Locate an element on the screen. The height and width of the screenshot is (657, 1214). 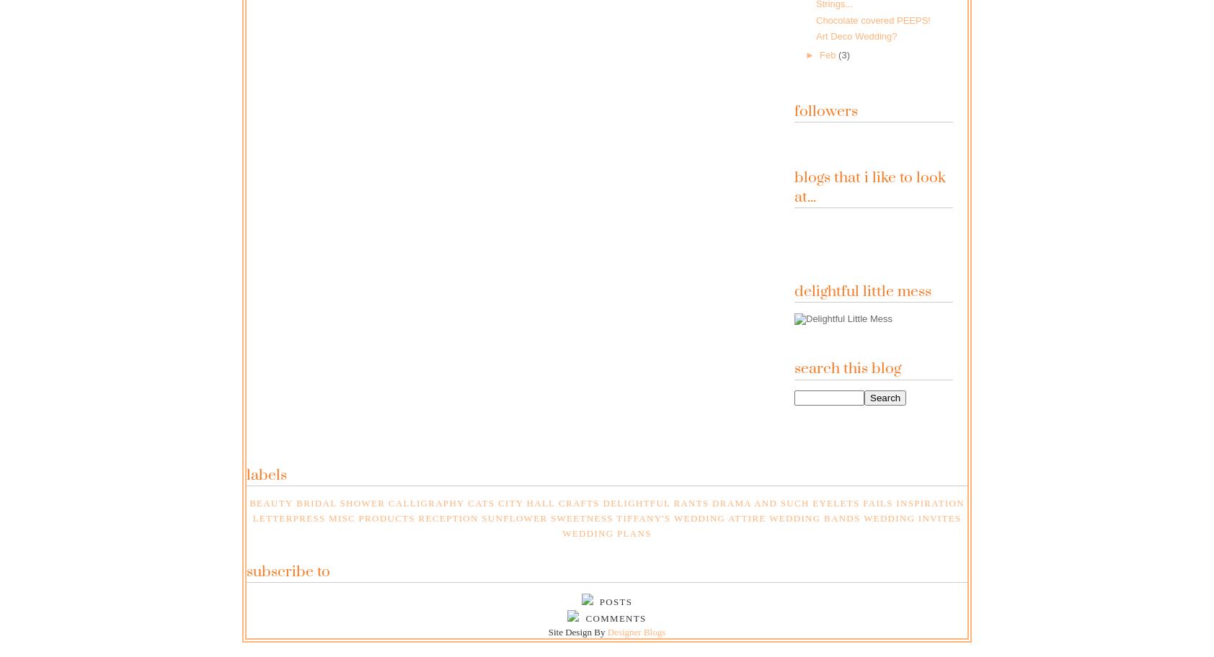
'Cats' is located at coordinates (481, 503).